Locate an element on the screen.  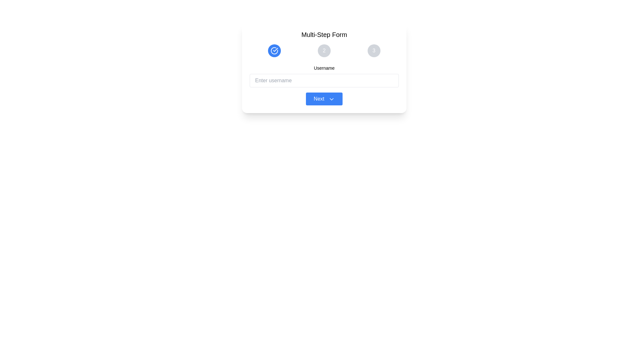
the Icon within the circular progress indicator that marks the completion of the first step in the sequential process is located at coordinates (275, 49).